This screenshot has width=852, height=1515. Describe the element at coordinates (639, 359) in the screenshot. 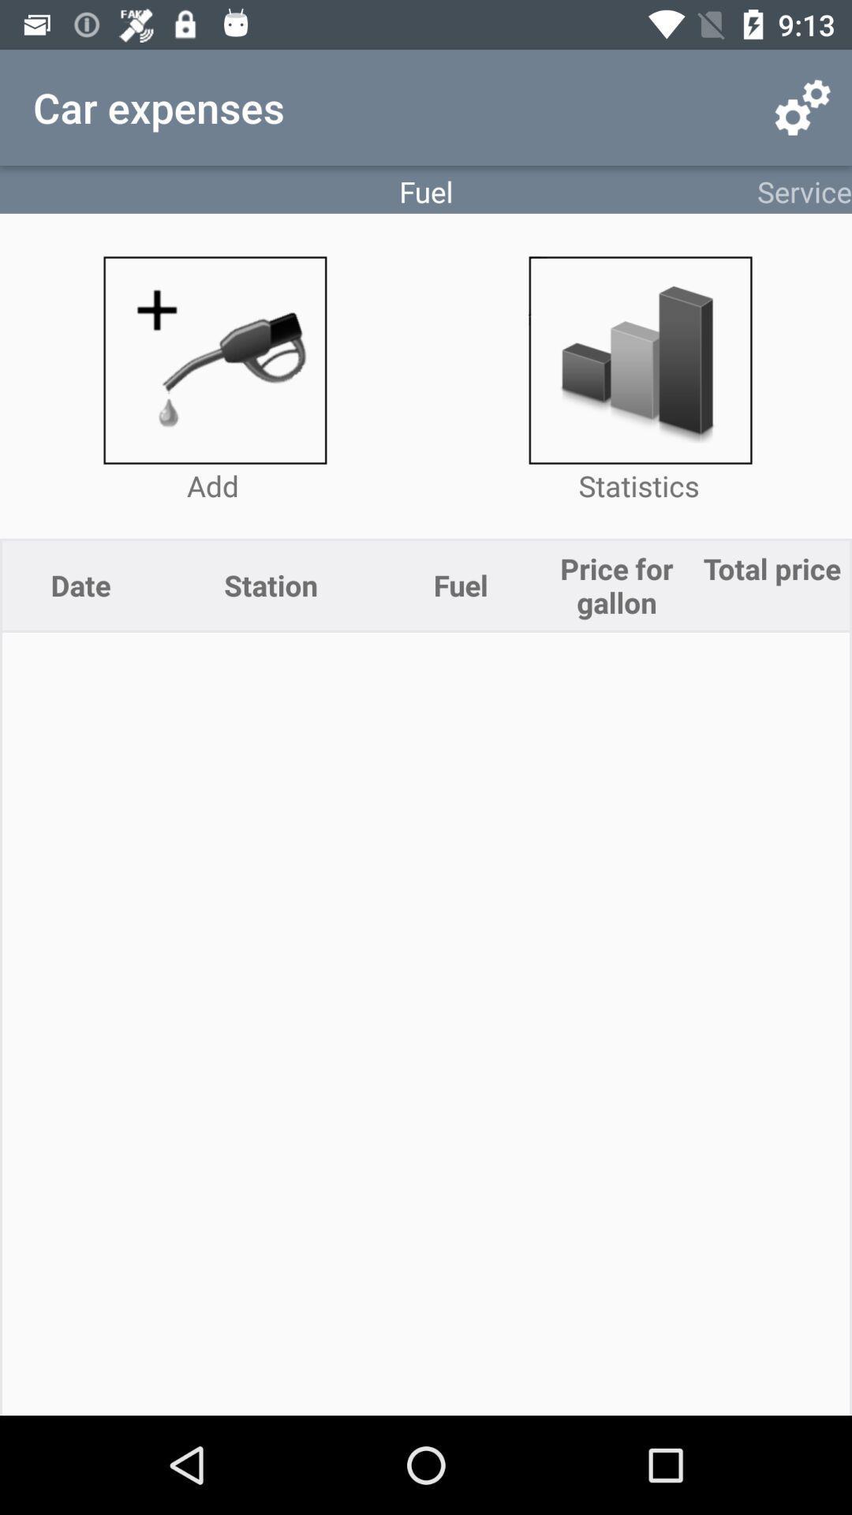

I see `statistics` at that location.